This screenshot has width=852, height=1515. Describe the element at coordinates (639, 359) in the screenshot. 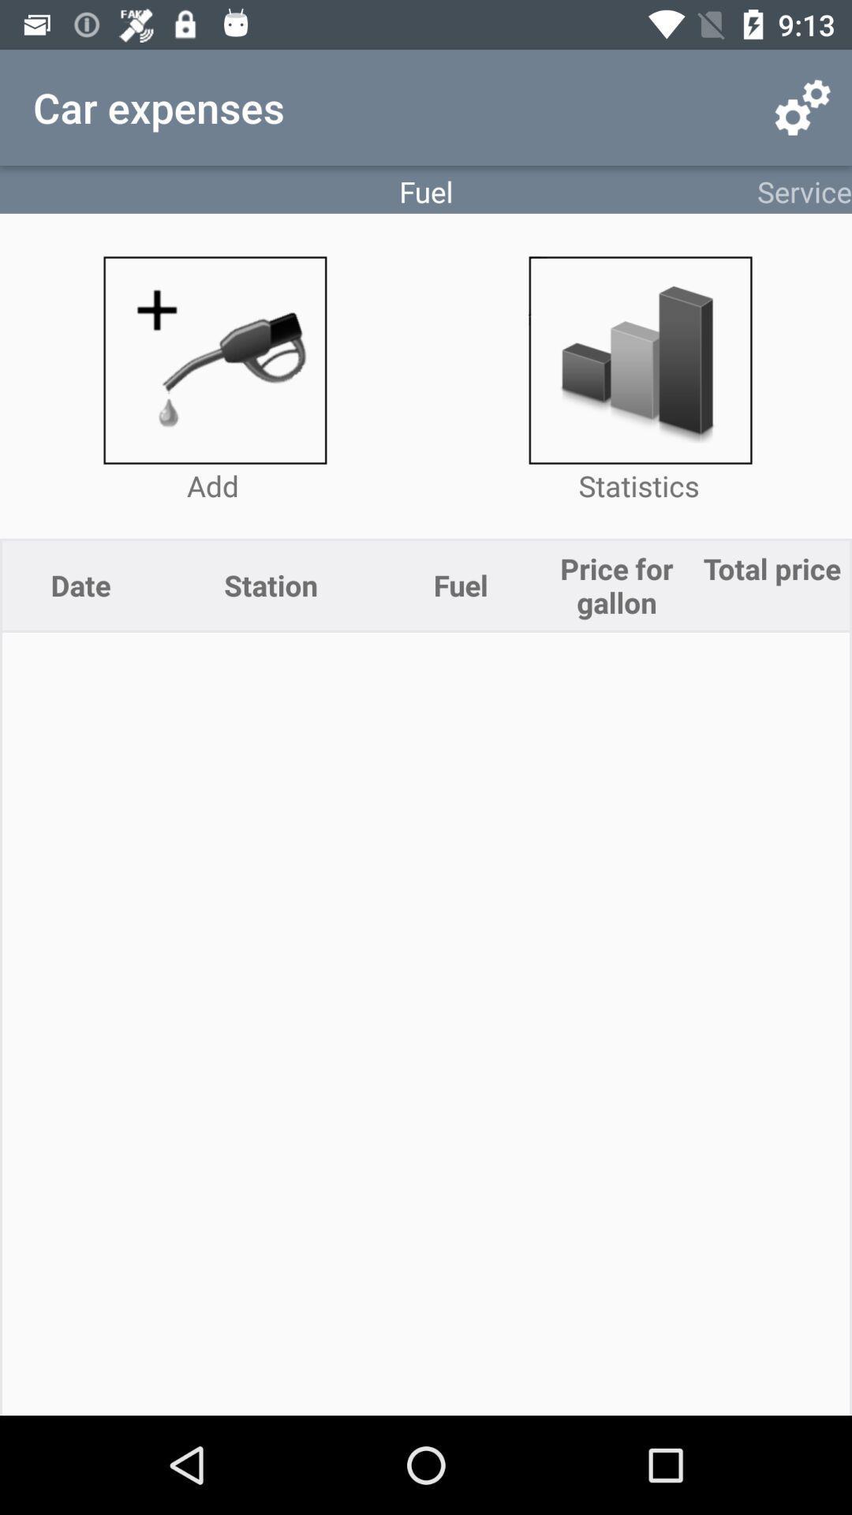

I see `statistics` at that location.